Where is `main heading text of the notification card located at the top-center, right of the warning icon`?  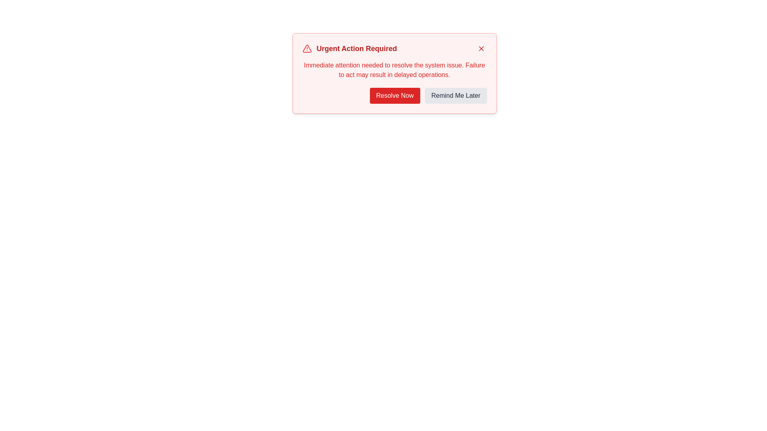
main heading text of the notification card located at the top-center, right of the warning icon is located at coordinates (350, 49).